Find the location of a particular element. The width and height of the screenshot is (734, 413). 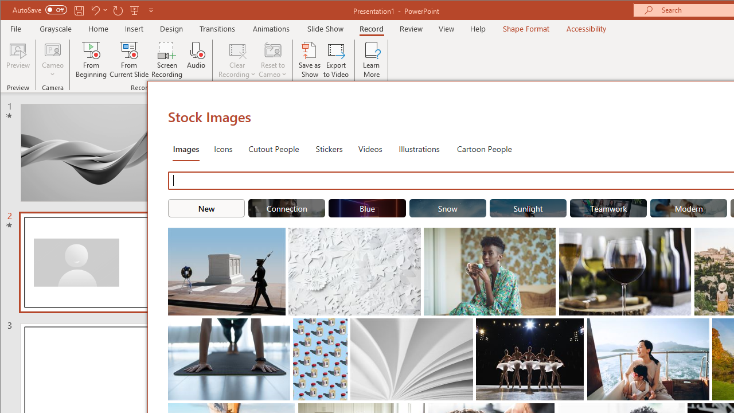

'"New" Stock Images.' is located at coordinates (206, 208).